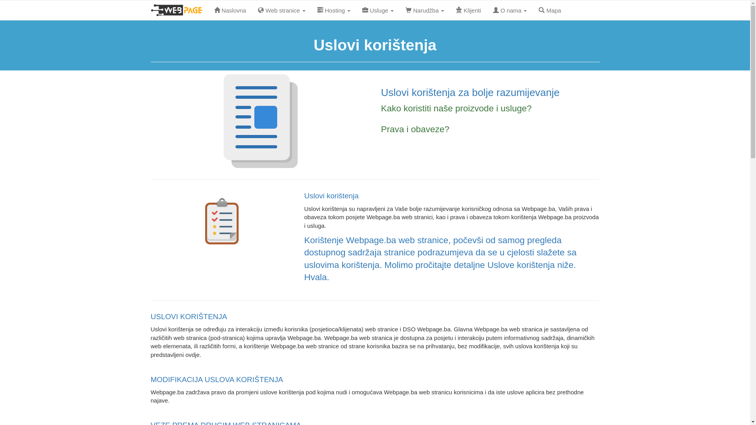 Image resolution: width=756 pixels, height=425 pixels. Describe the element at coordinates (468, 10) in the screenshot. I see `'Klijenti'` at that location.